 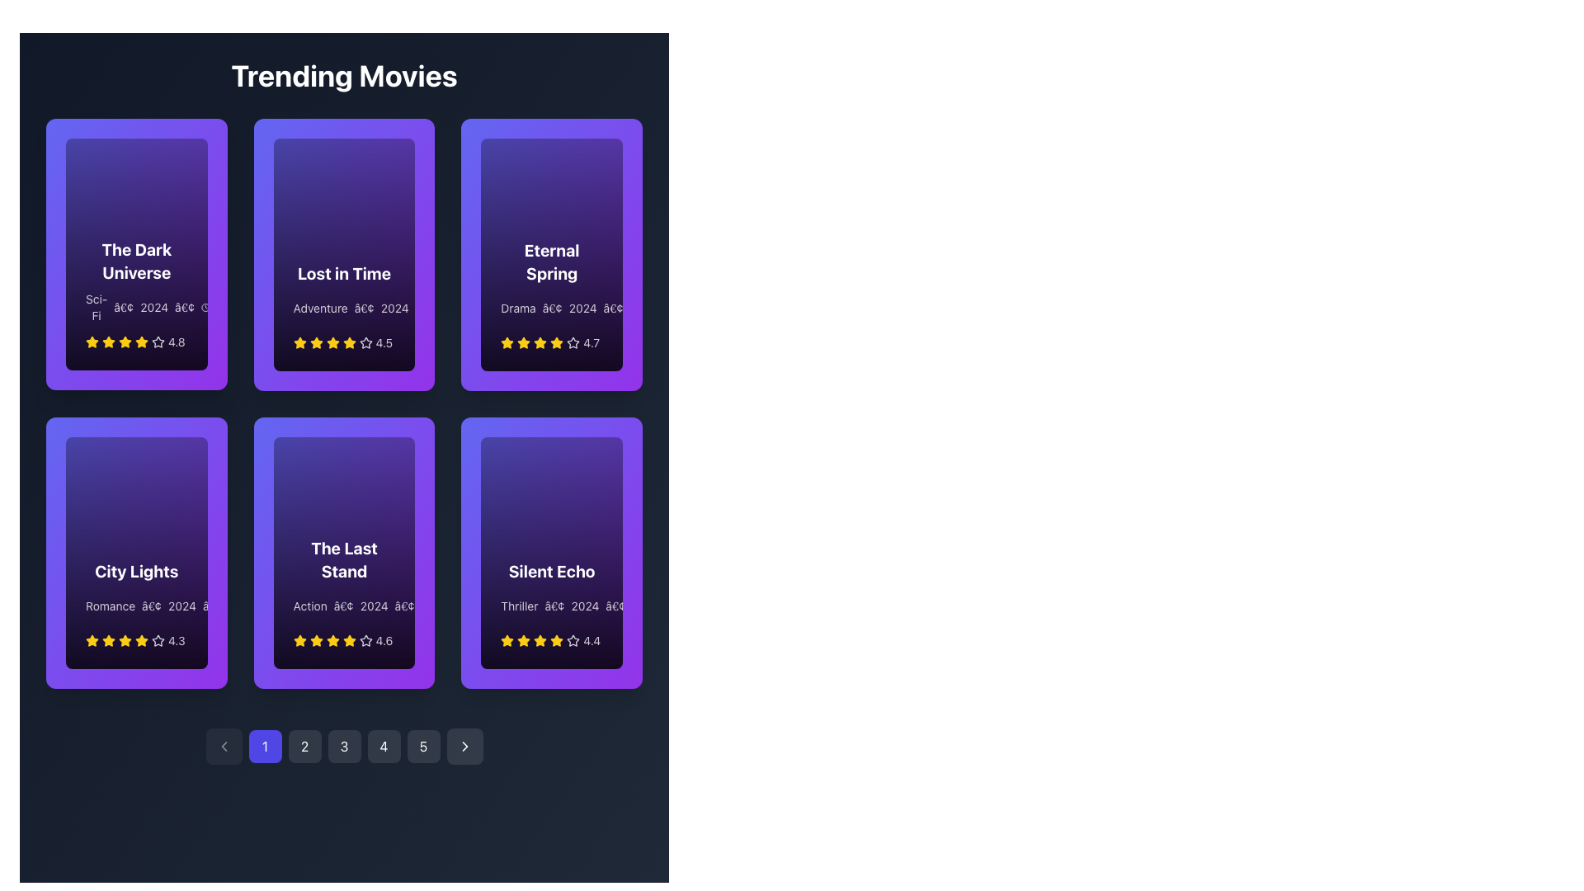 I want to click on the fifth star icon in the 5-star rating system under the 'Silent Echo' card, which is styled with a yellow fill and is located at the rightmost column in the second row, so click(x=557, y=639).